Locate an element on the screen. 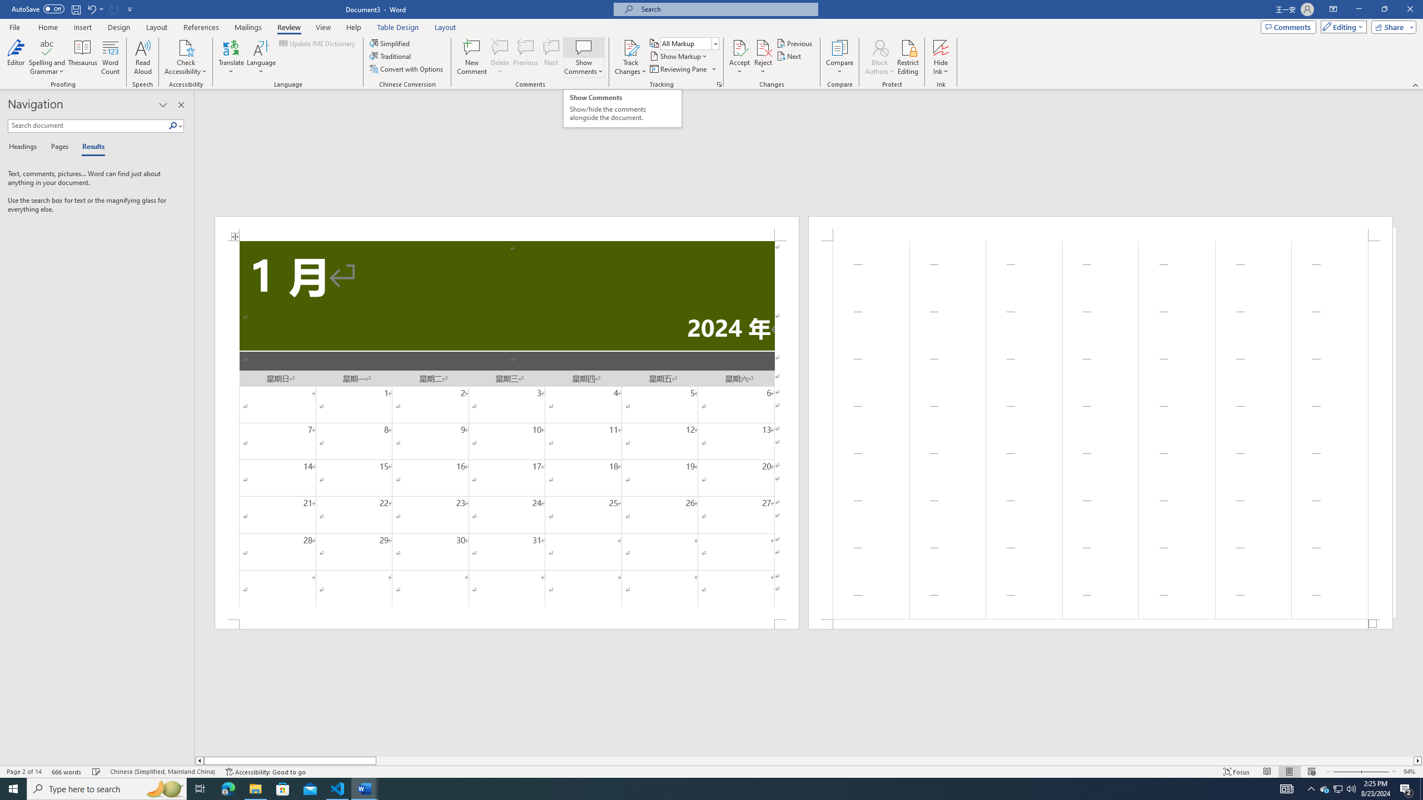 The image size is (1423, 800). 'Check Accessibility' is located at coordinates (186, 57).